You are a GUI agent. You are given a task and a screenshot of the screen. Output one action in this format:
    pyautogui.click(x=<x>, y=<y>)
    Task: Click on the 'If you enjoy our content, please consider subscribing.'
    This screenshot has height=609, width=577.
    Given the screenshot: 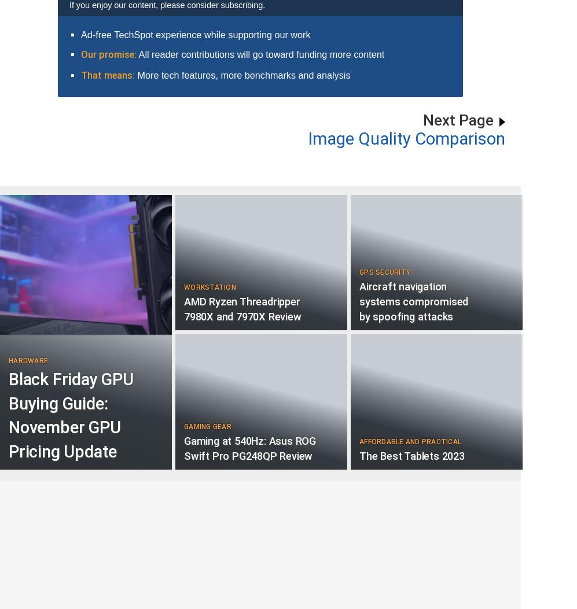 What is the action you would take?
    pyautogui.click(x=69, y=5)
    